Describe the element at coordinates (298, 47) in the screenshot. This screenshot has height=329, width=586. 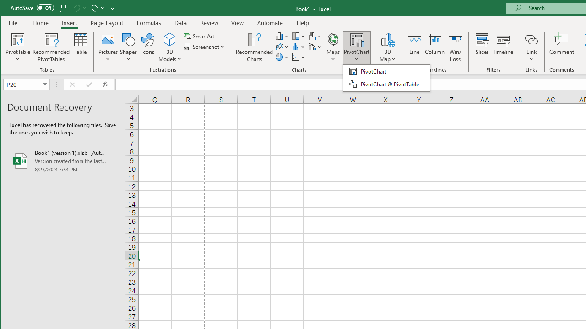
I see `'Insert Statistic Chart'` at that location.